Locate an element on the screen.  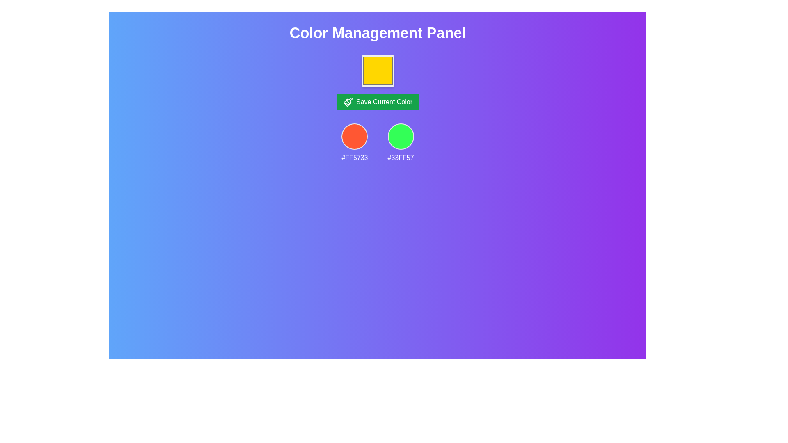
the Text Display element that shows the color code corresponding to the red badge above it is located at coordinates (355, 158).